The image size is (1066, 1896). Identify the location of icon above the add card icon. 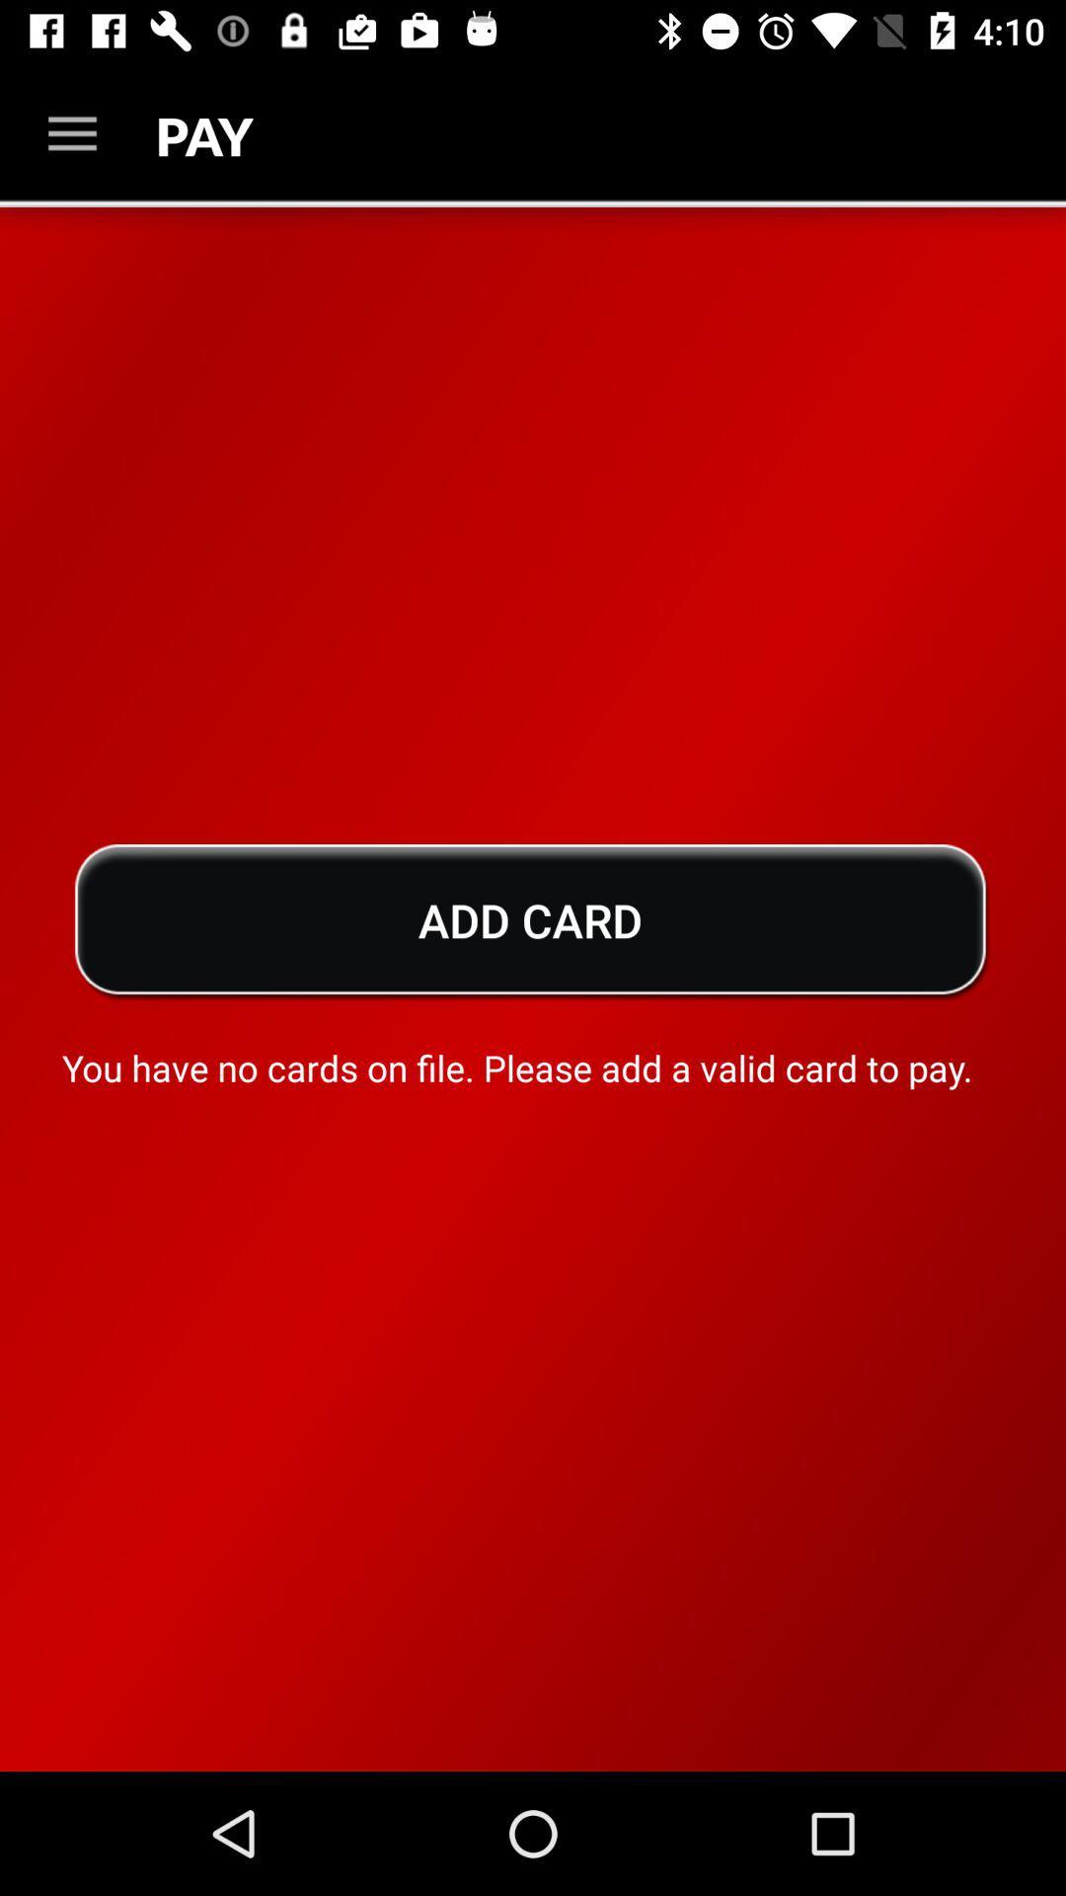
(71, 133).